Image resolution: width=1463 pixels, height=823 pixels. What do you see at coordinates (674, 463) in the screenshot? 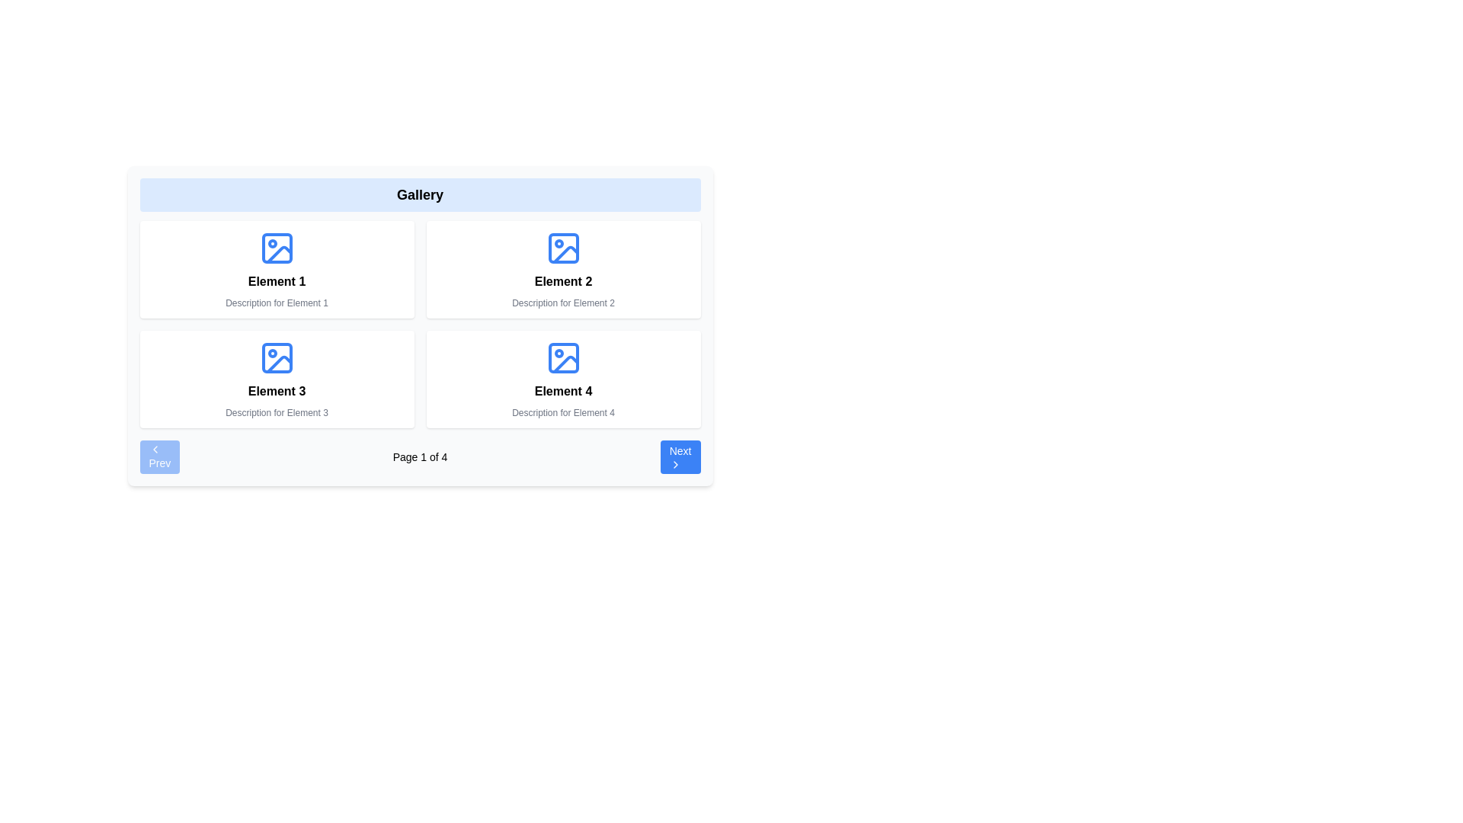
I see `the small arrow icon pointing to the right, which is located at the rightmost side of the blue 'Next' button` at bounding box center [674, 463].